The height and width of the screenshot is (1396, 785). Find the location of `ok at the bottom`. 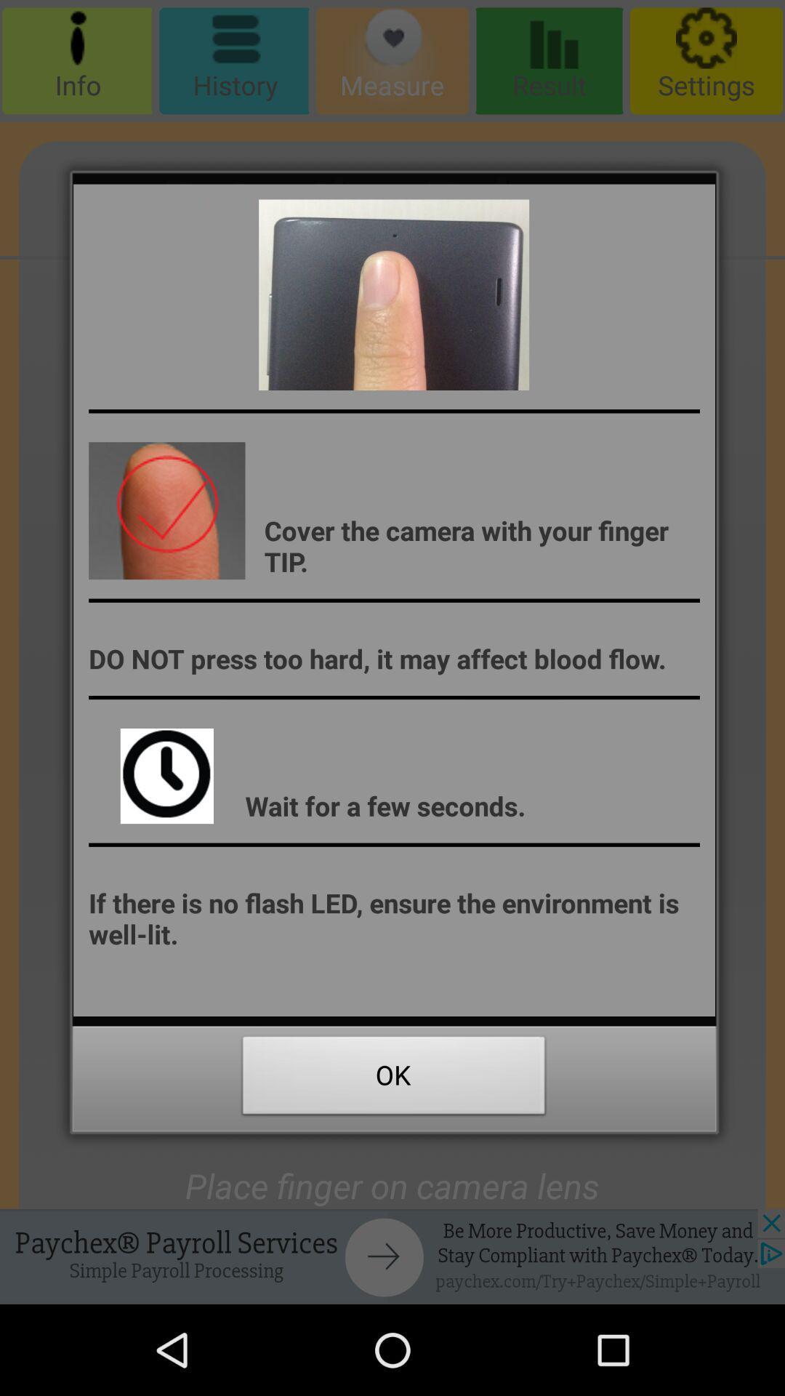

ok at the bottom is located at coordinates (394, 1079).